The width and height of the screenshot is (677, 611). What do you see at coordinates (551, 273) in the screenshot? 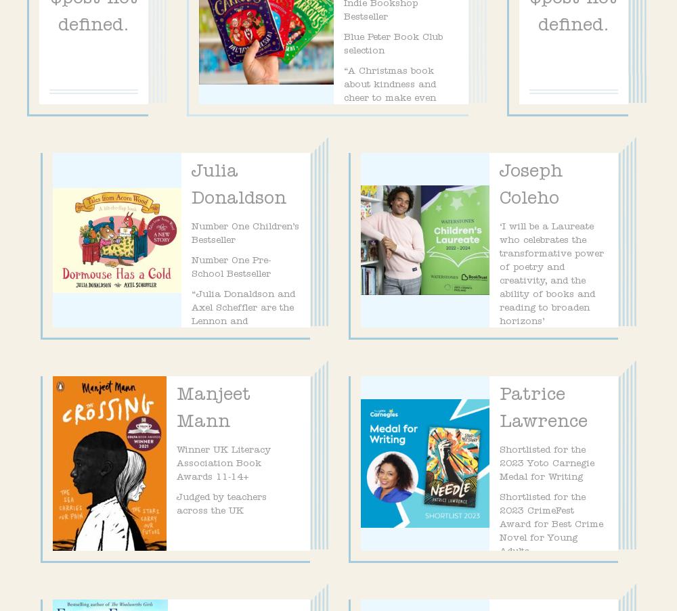
I see `'‘I will be a Laureate who celebrates the transformative power of poetry and creativity, and the ability of books and reading to broaden horizons’'` at bounding box center [551, 273].